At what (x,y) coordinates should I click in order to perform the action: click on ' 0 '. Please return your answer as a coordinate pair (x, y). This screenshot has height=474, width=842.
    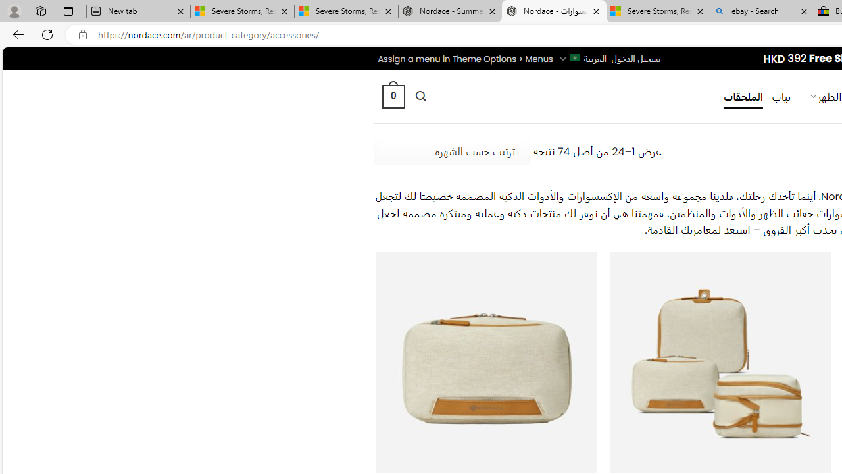
    Looking at the image, I should click on (392, 95).